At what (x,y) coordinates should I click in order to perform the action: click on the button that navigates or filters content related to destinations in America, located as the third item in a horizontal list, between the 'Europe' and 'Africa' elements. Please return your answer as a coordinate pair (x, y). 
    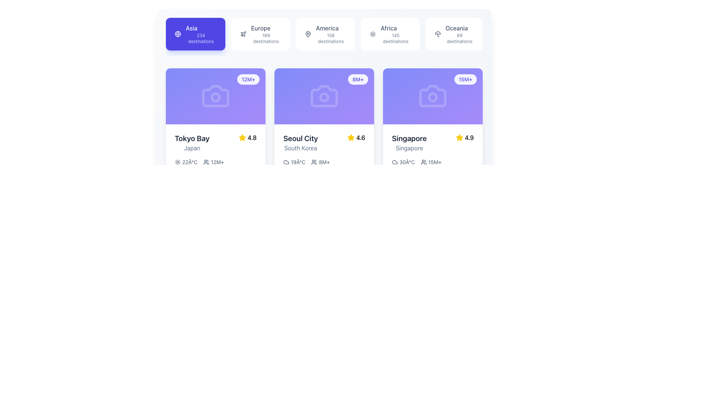
    Looking at the image, I should click on (325, 34).